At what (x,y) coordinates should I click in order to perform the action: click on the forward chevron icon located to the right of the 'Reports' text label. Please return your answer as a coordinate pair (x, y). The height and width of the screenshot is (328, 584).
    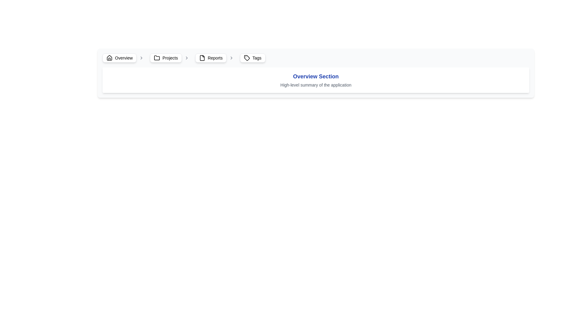
    Looking at the image, I should click on (231, 58).